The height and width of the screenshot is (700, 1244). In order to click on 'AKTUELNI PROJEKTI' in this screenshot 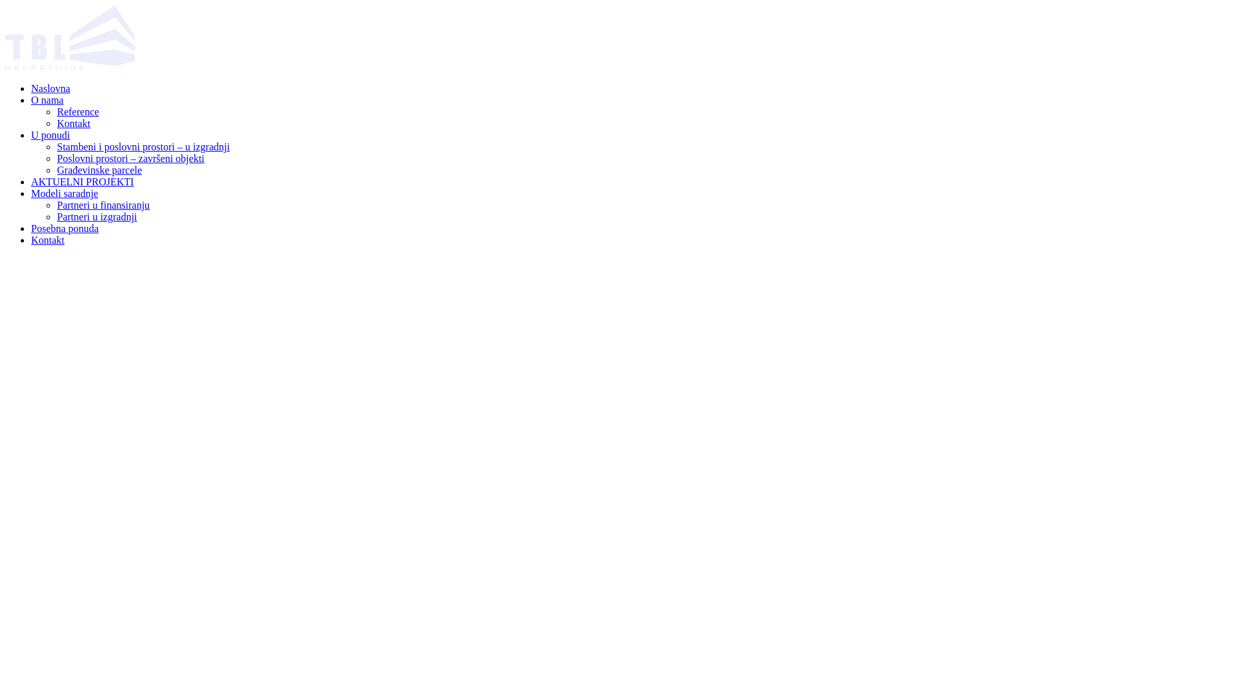, I will do `click(31, 181)`.